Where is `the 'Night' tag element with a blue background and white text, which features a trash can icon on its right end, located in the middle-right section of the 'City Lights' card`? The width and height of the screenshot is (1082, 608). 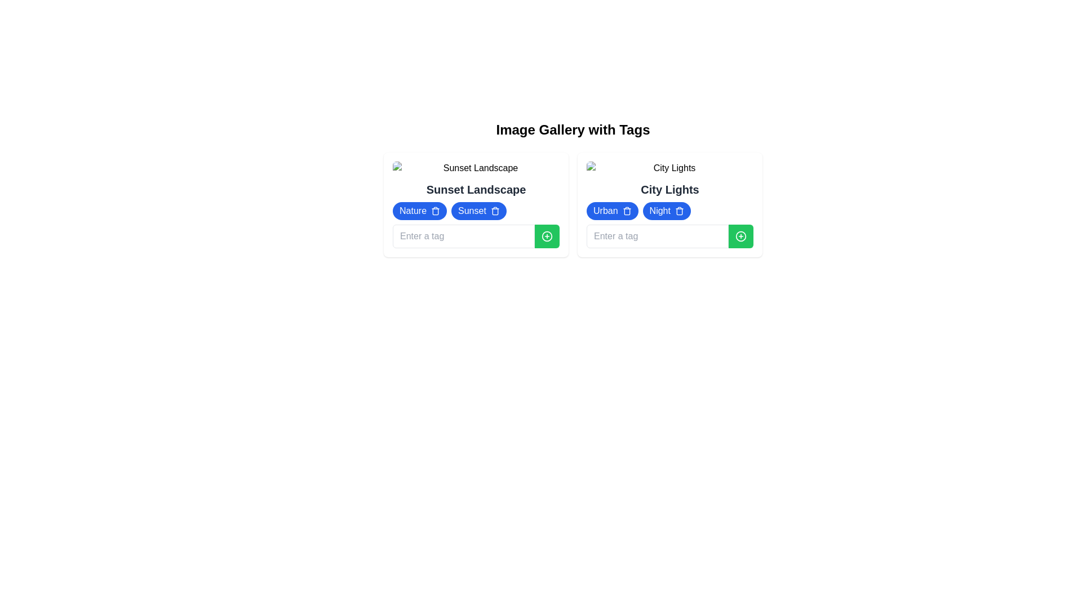
the 'Night' tag element with a blue background and white text, which features a trash can icon on its right end, located in the middle-right section of the 'City Lights' card is located at coordinates (667, 211).